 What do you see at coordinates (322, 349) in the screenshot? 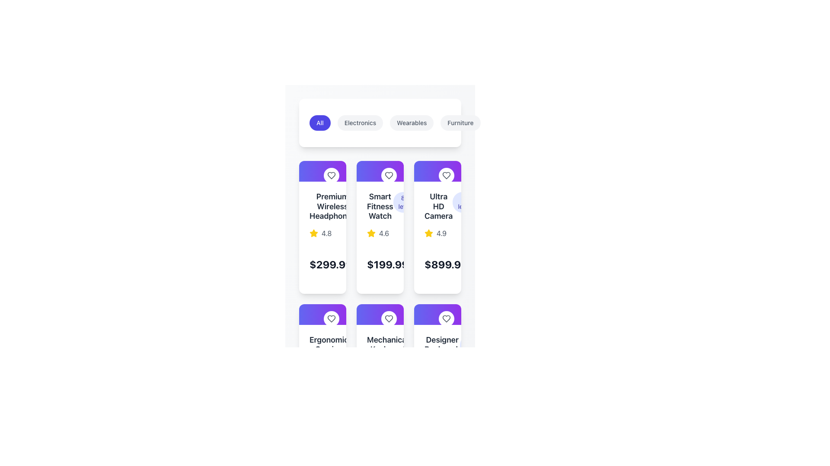
I see `text displayed at the top left of the product card that shows the product's name and availability` at bounding box center [322, 349].